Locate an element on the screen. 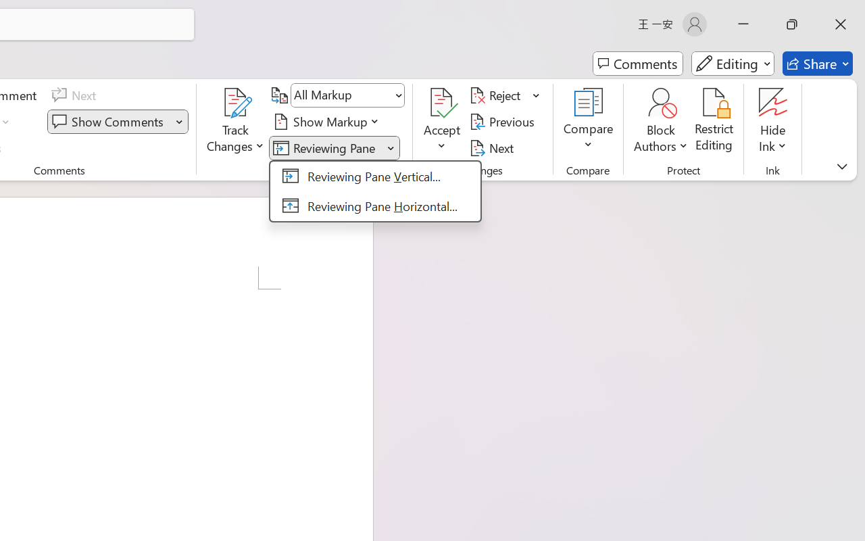 The image size is (865, 541). 'Hide Ink' is located at coordinates (773, 121).